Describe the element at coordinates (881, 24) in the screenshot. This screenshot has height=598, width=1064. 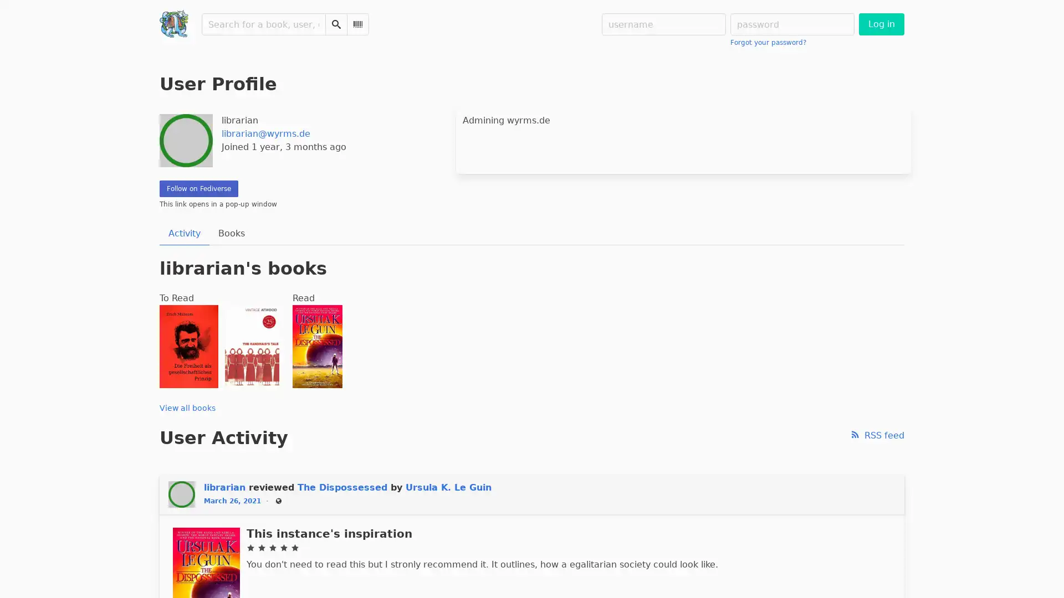
I see `Log in` at that location.